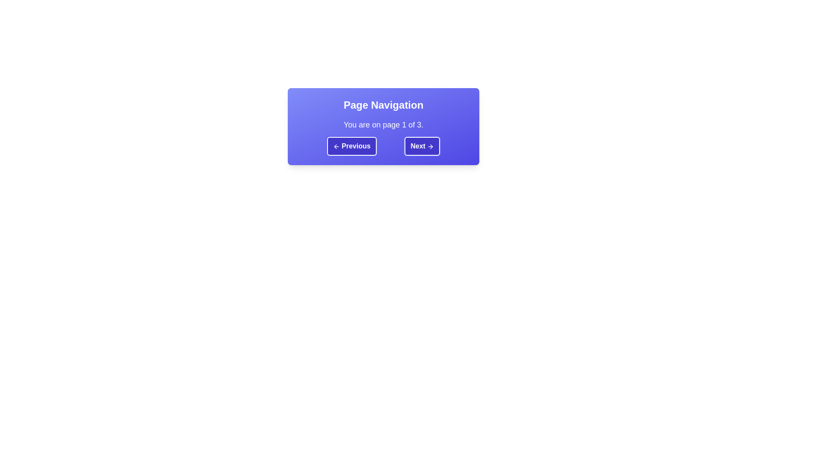 The height and width of the screenshot is (462, 821). I want to click on page navigation information displayed in the panel titled 'Page Navigation' which includes the subtitle 'You are on page 1 of 3.', so click(383, 127).